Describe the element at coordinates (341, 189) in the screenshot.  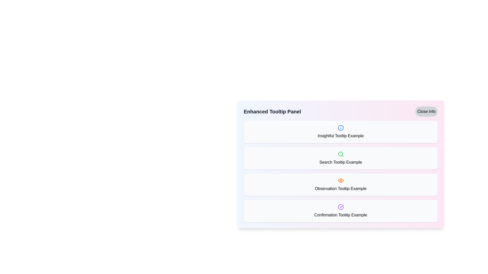
I see `the third text label in the vertical stack, which is located below the 'Search Tooltip Example' and above the 'Confirmation Tooltip Example'` at that location.